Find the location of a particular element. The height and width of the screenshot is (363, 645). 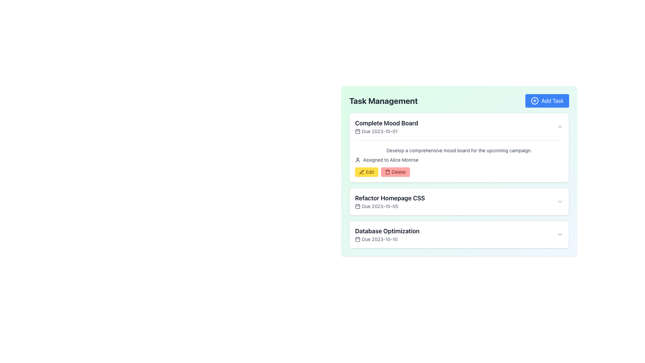

the trash bin icon located on the left side of the red 'Delete' button in the task card titled 'Complete Mood Board' is located at coordinates (387, 172).